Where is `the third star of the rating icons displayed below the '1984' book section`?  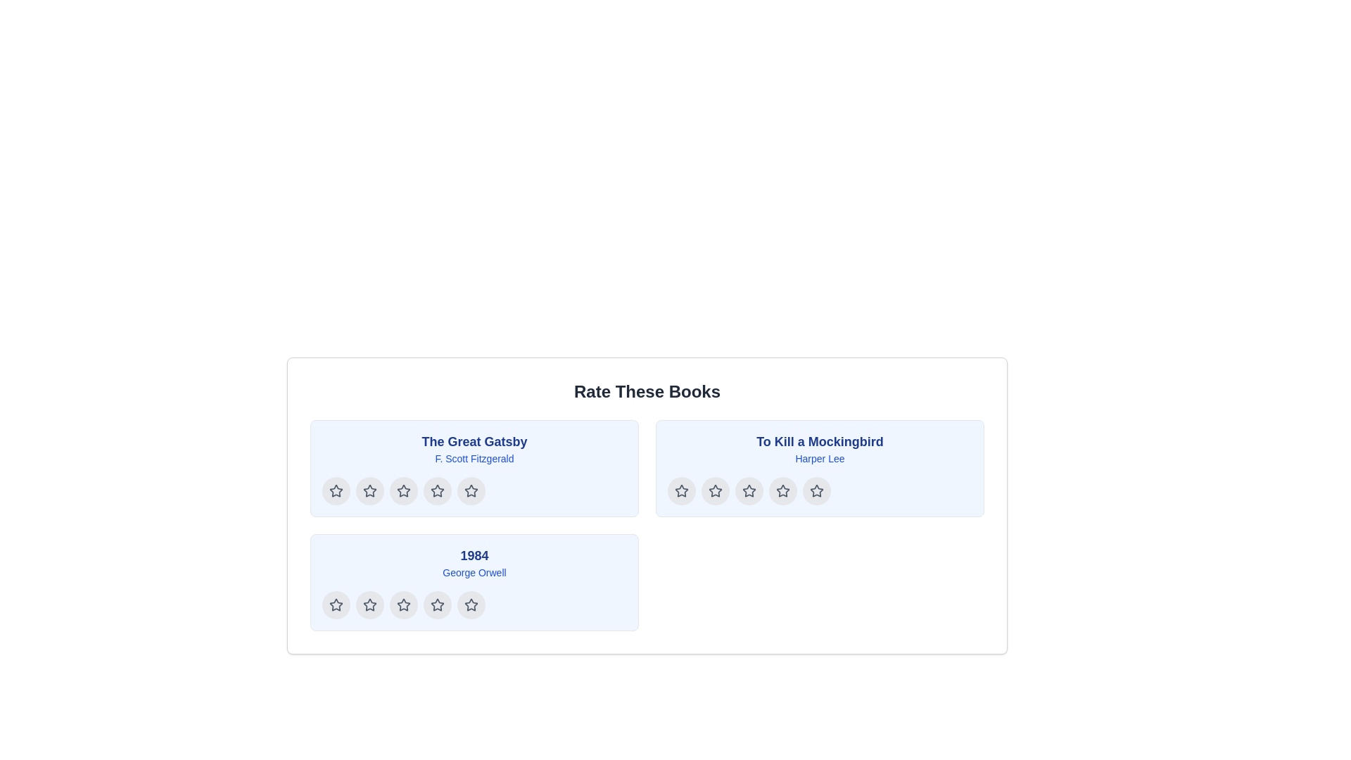 the third star of the rating icons displayed below the '1984' book section is located at coordinates (403, 604).